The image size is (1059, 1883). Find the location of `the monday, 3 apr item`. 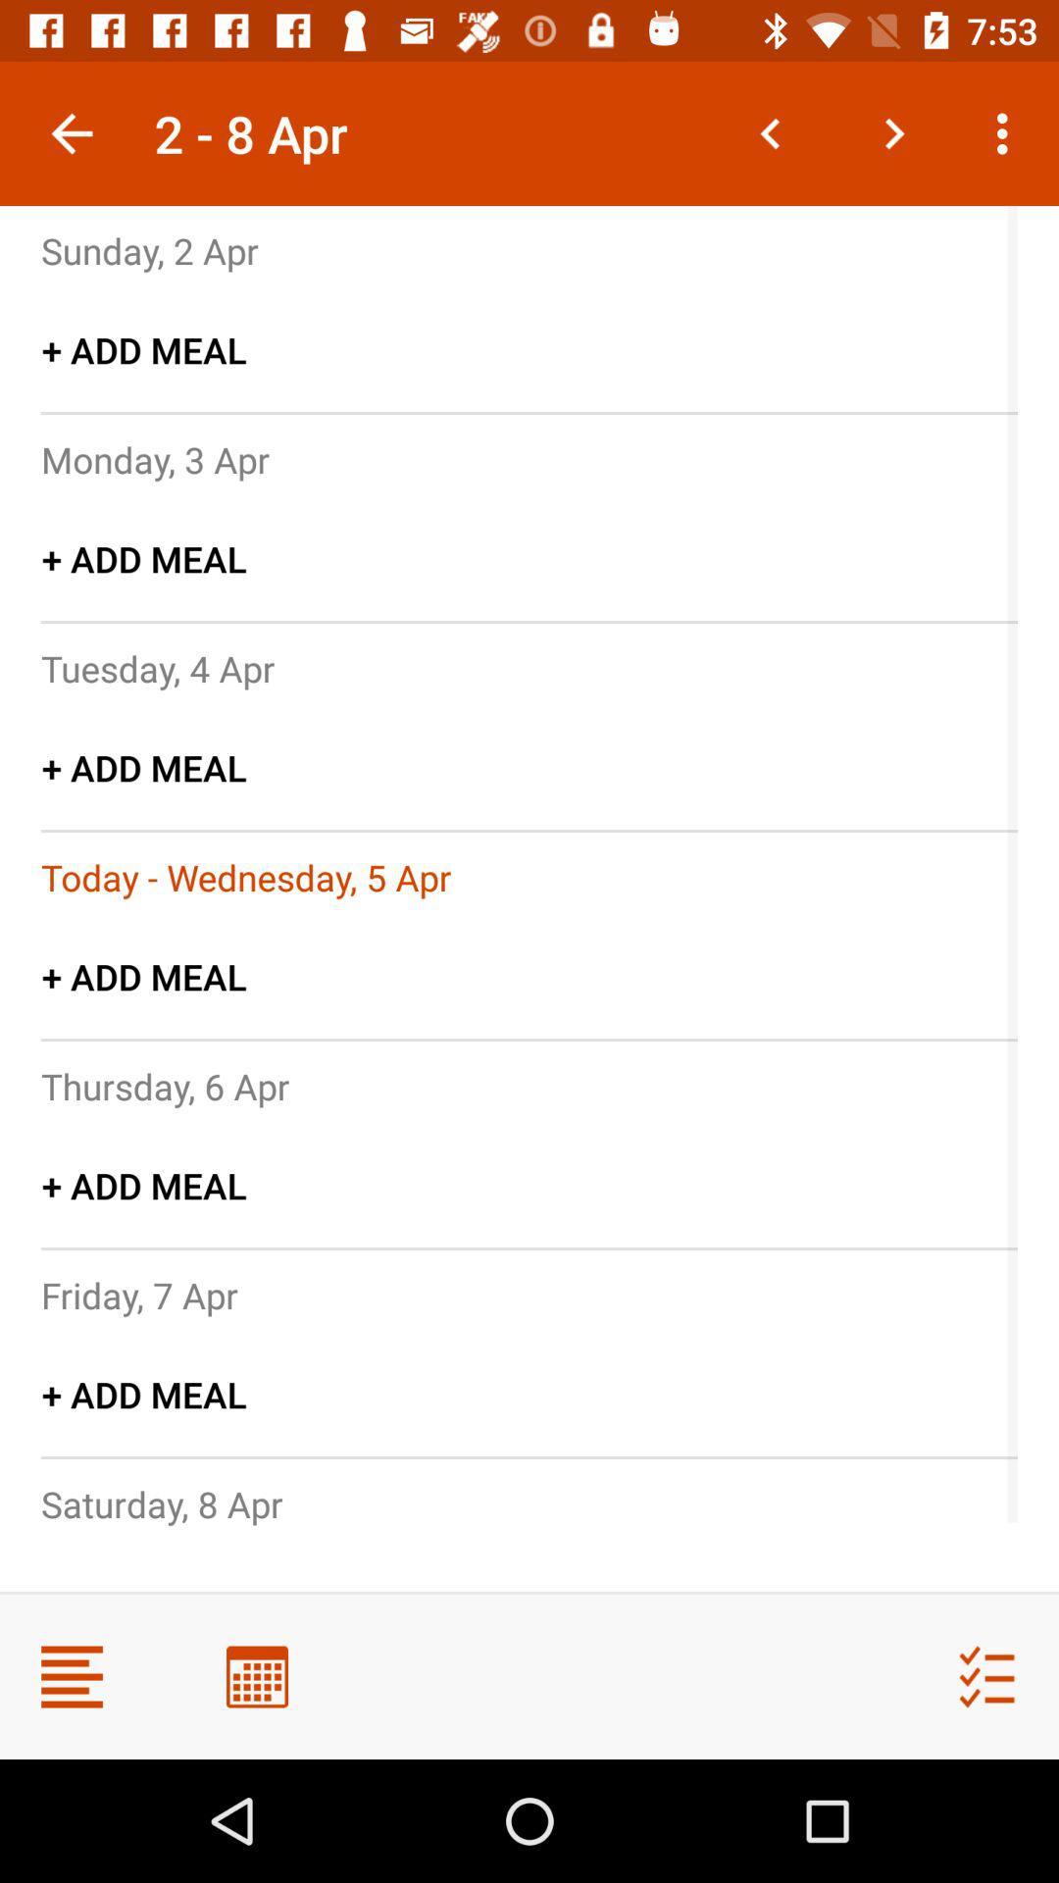

the monday, 3 apr item is located at coordinates (154, 458).